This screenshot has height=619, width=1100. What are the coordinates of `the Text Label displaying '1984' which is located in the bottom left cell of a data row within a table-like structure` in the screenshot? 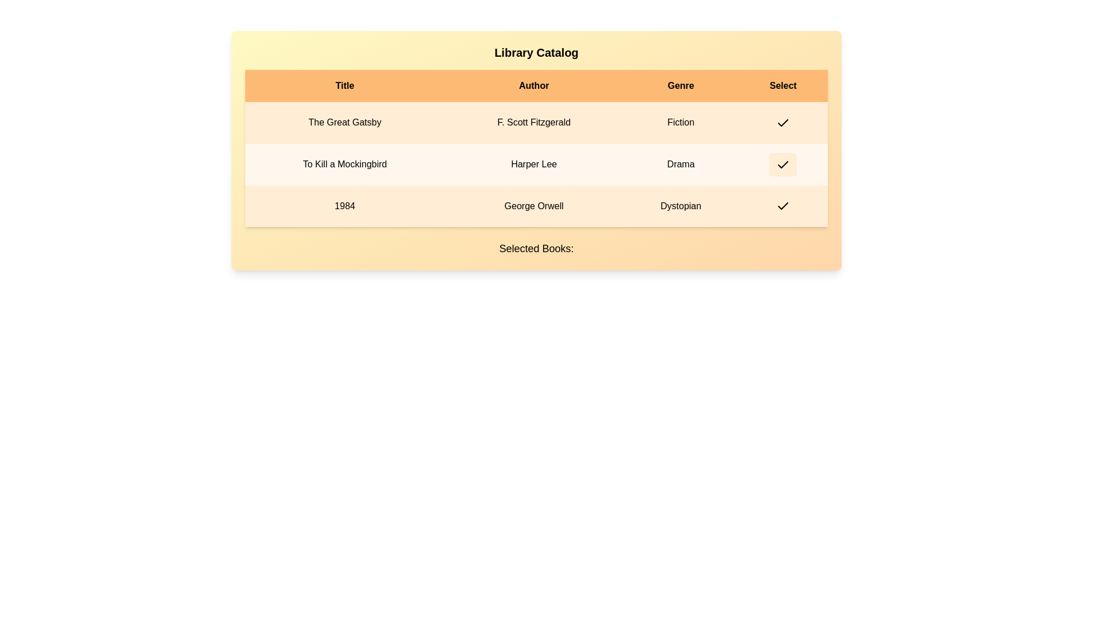 It's located at (344, 205).